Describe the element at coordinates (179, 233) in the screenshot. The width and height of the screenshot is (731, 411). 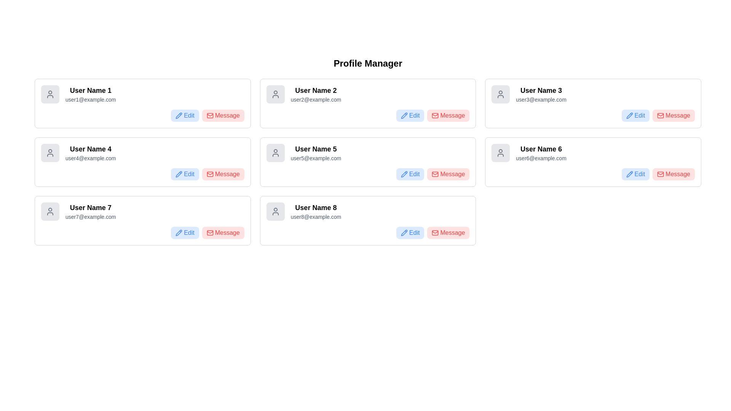
I see `the blue pencil icon located within the 'Edit' button for 'User Name 7'` at that location.